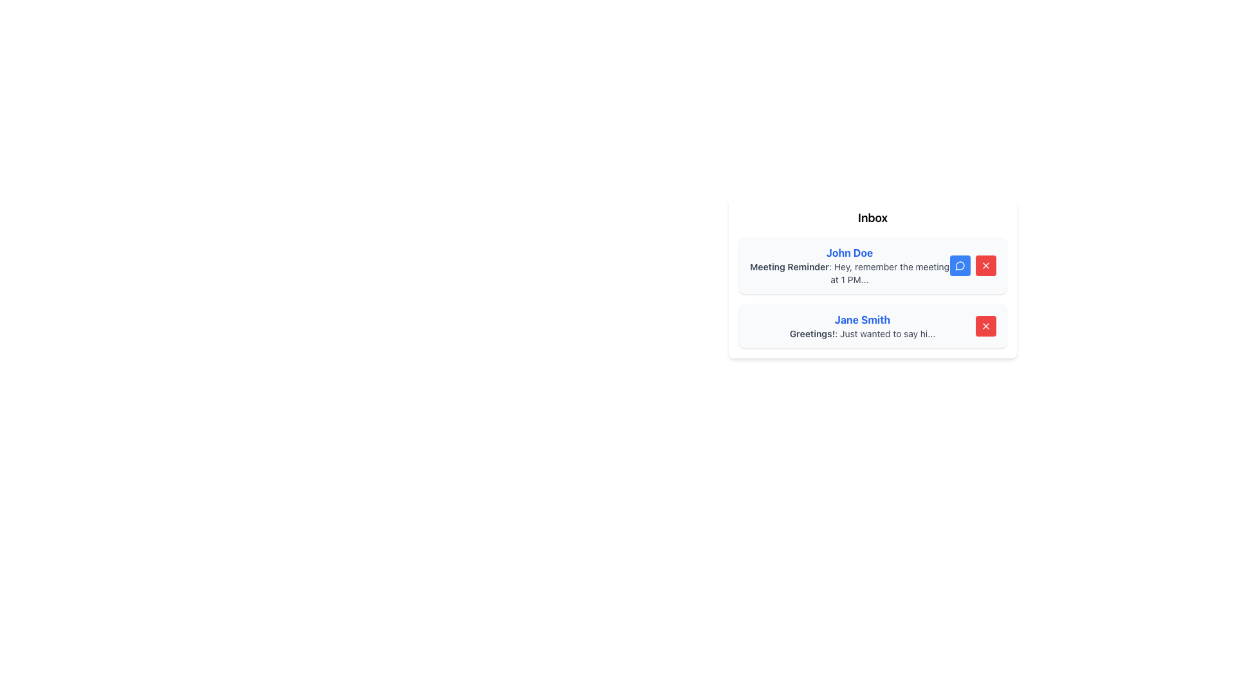 The height and width of the screenshot is (695, 1235). Describe the element at coordinates (960, 264) in the screenshot. I see `the reply/comment button, which features a speech bubble icon, to receive tooltip feedback` at that location.